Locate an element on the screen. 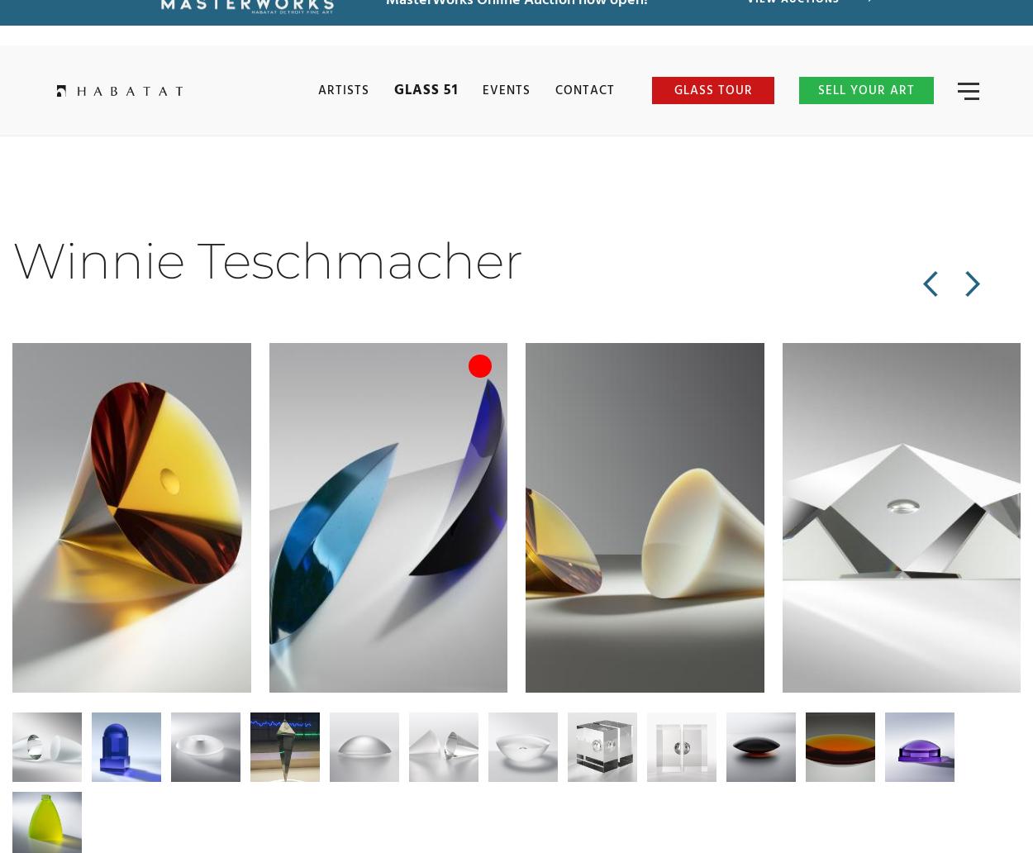 This screenshot has height=853, width=1033. 'Next Artist >' is located at coordinates (179, 284).